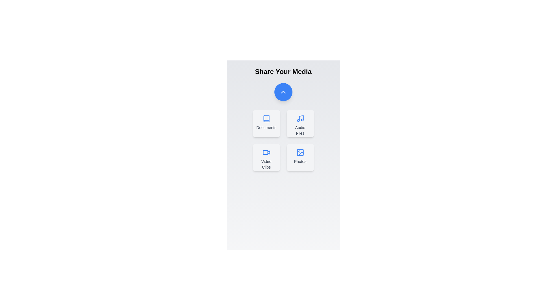  What do you see at coordinates (266, 123) in the screenshot?
I see `the button corresponding to the media type Documents` at bounding box center [266, 123].